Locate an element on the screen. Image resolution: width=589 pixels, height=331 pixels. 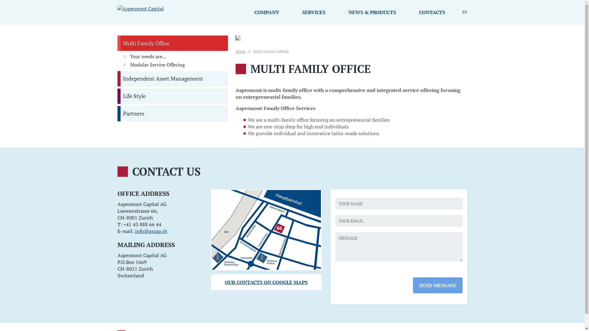
'Send message' is located at coordinates (437, 285).